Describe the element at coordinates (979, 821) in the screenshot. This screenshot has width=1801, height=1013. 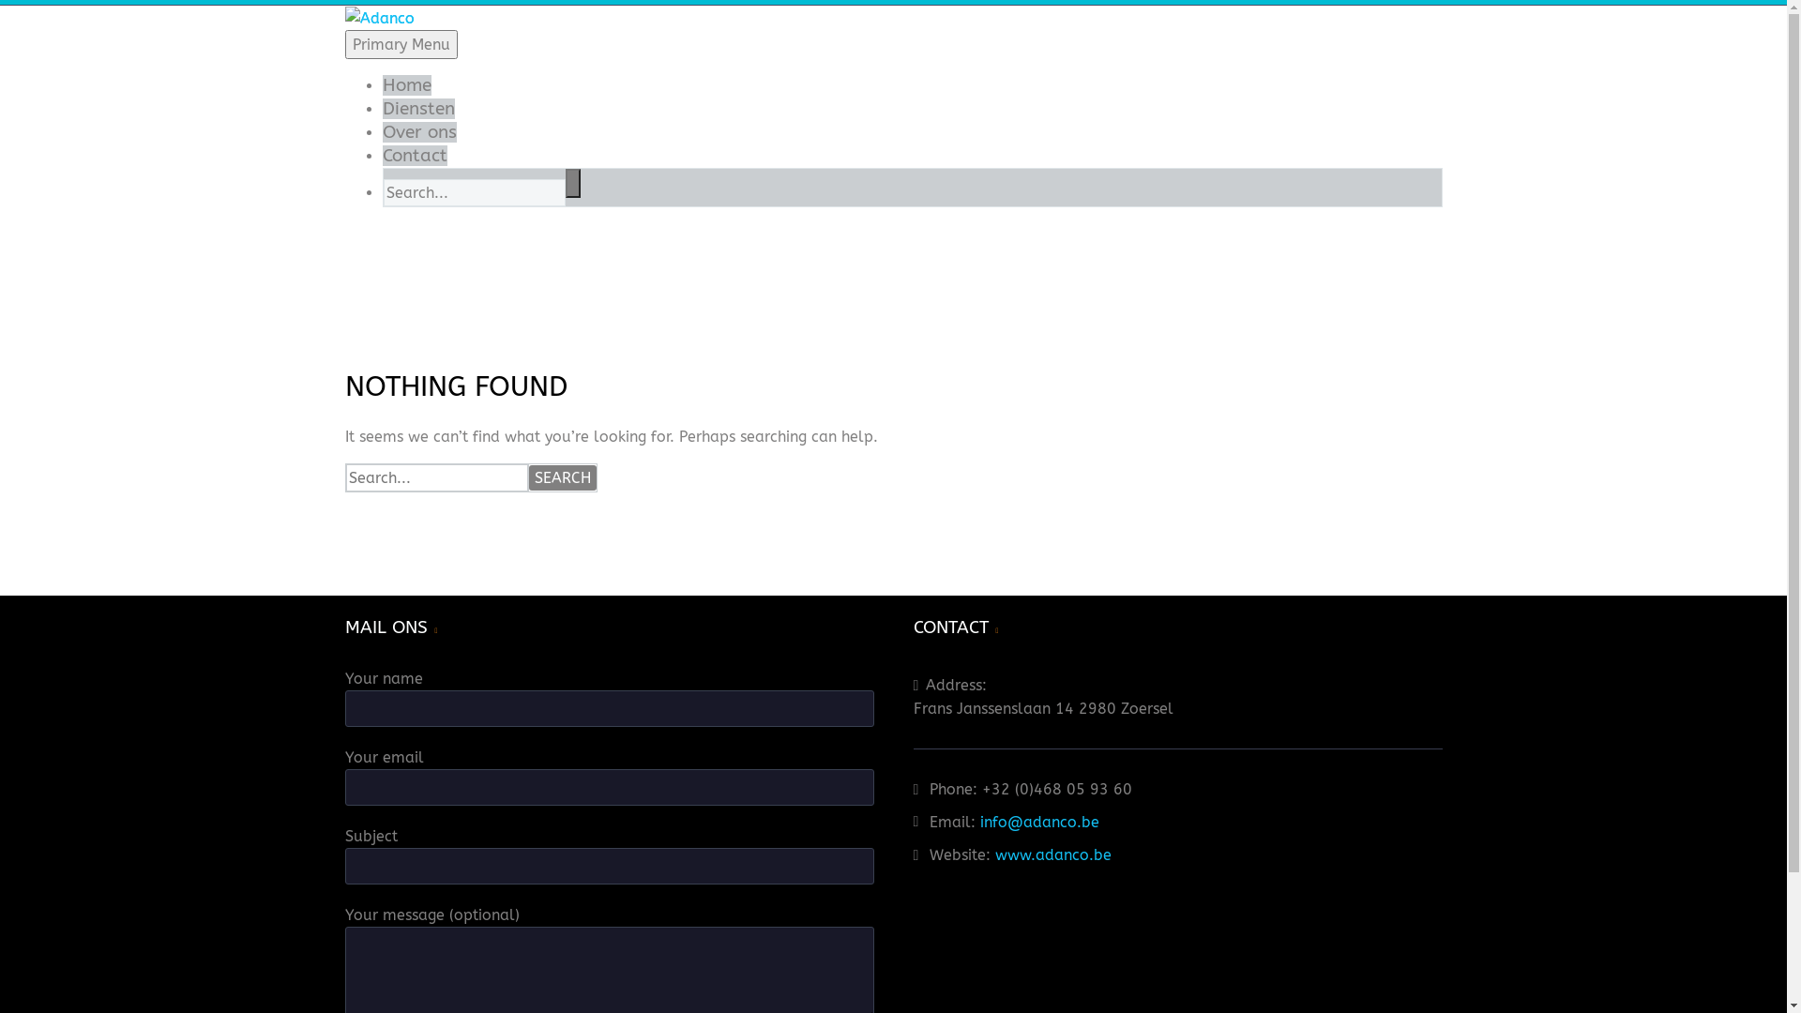
I see `'info@adanco.be'` at that location.